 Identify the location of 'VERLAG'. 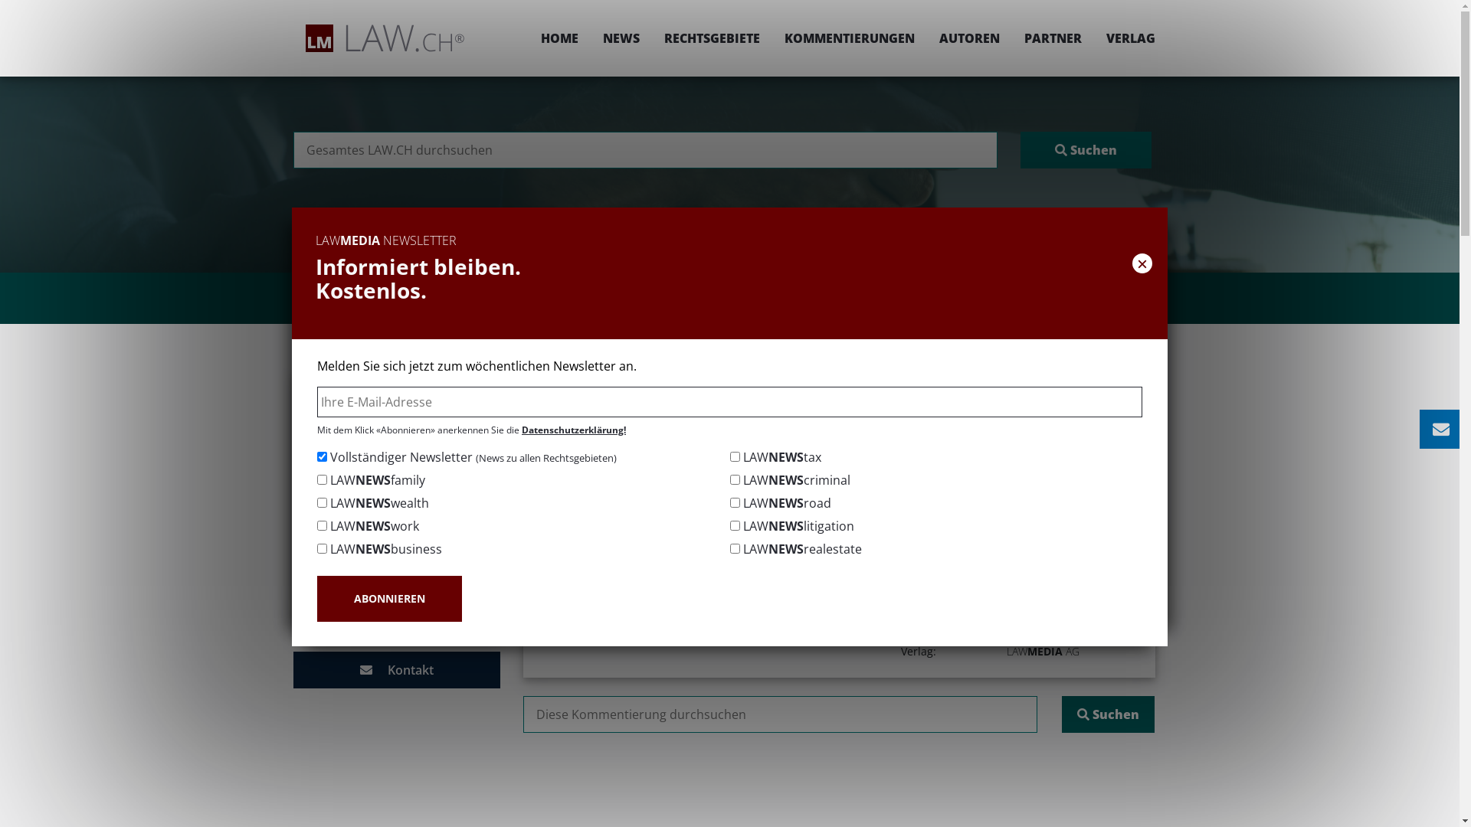
(1125, 38).